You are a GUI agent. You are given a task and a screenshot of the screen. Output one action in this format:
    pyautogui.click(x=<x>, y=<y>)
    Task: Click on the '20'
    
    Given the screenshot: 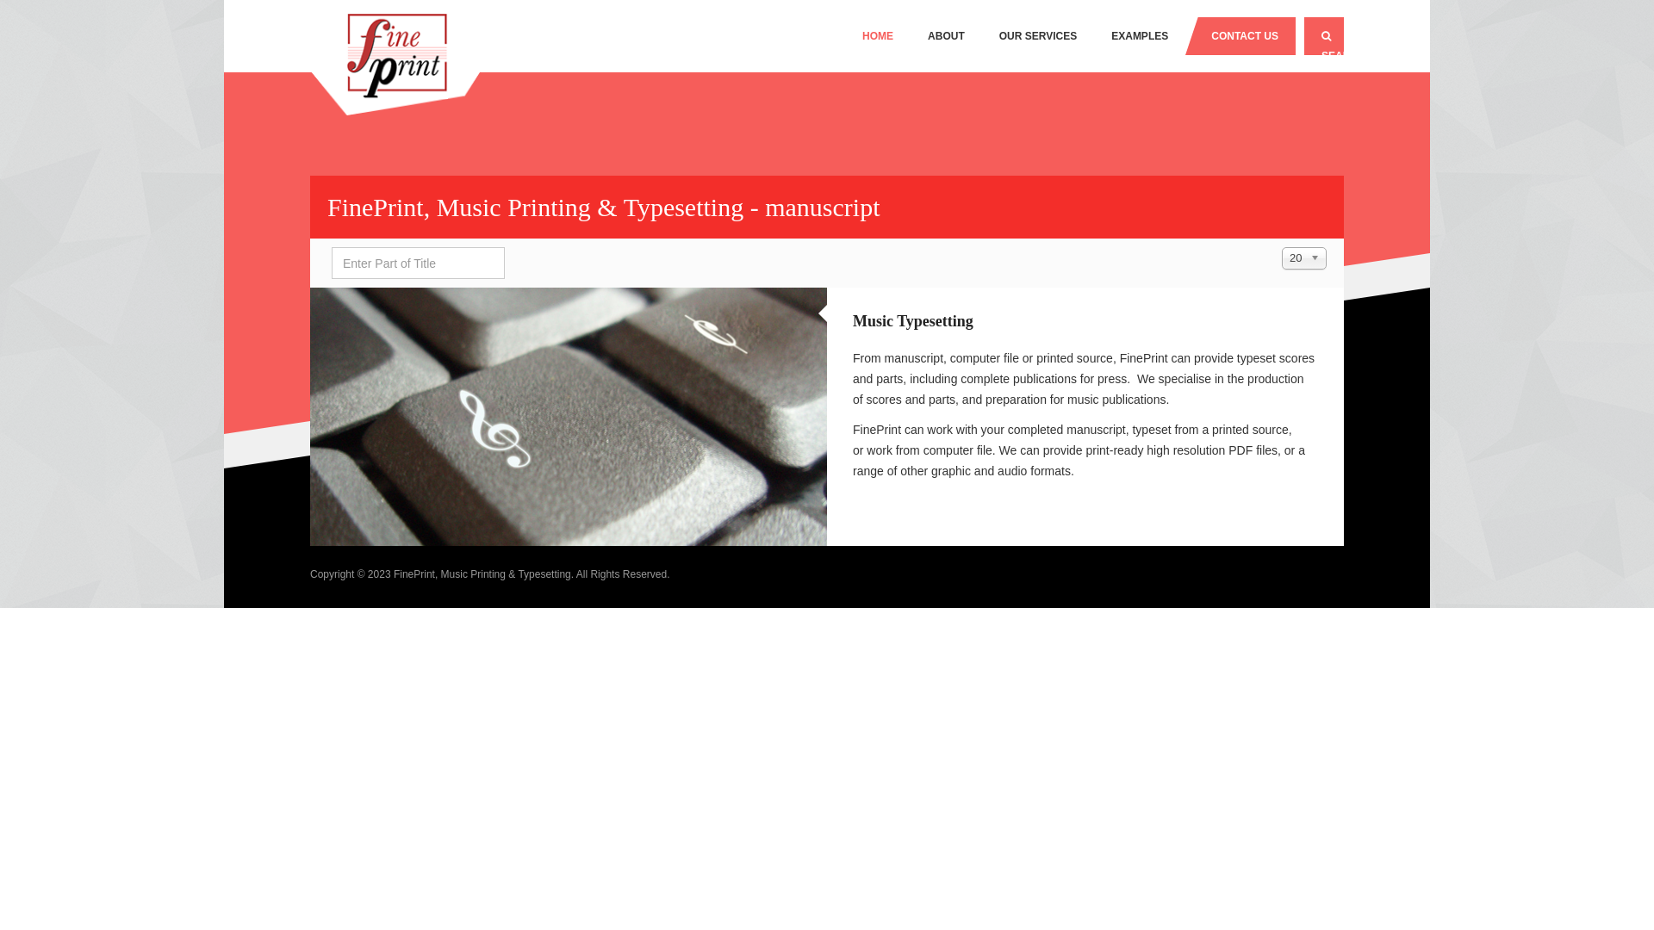 What is the action you would take?
    pyautogui.click(x=1282, y=258)
    